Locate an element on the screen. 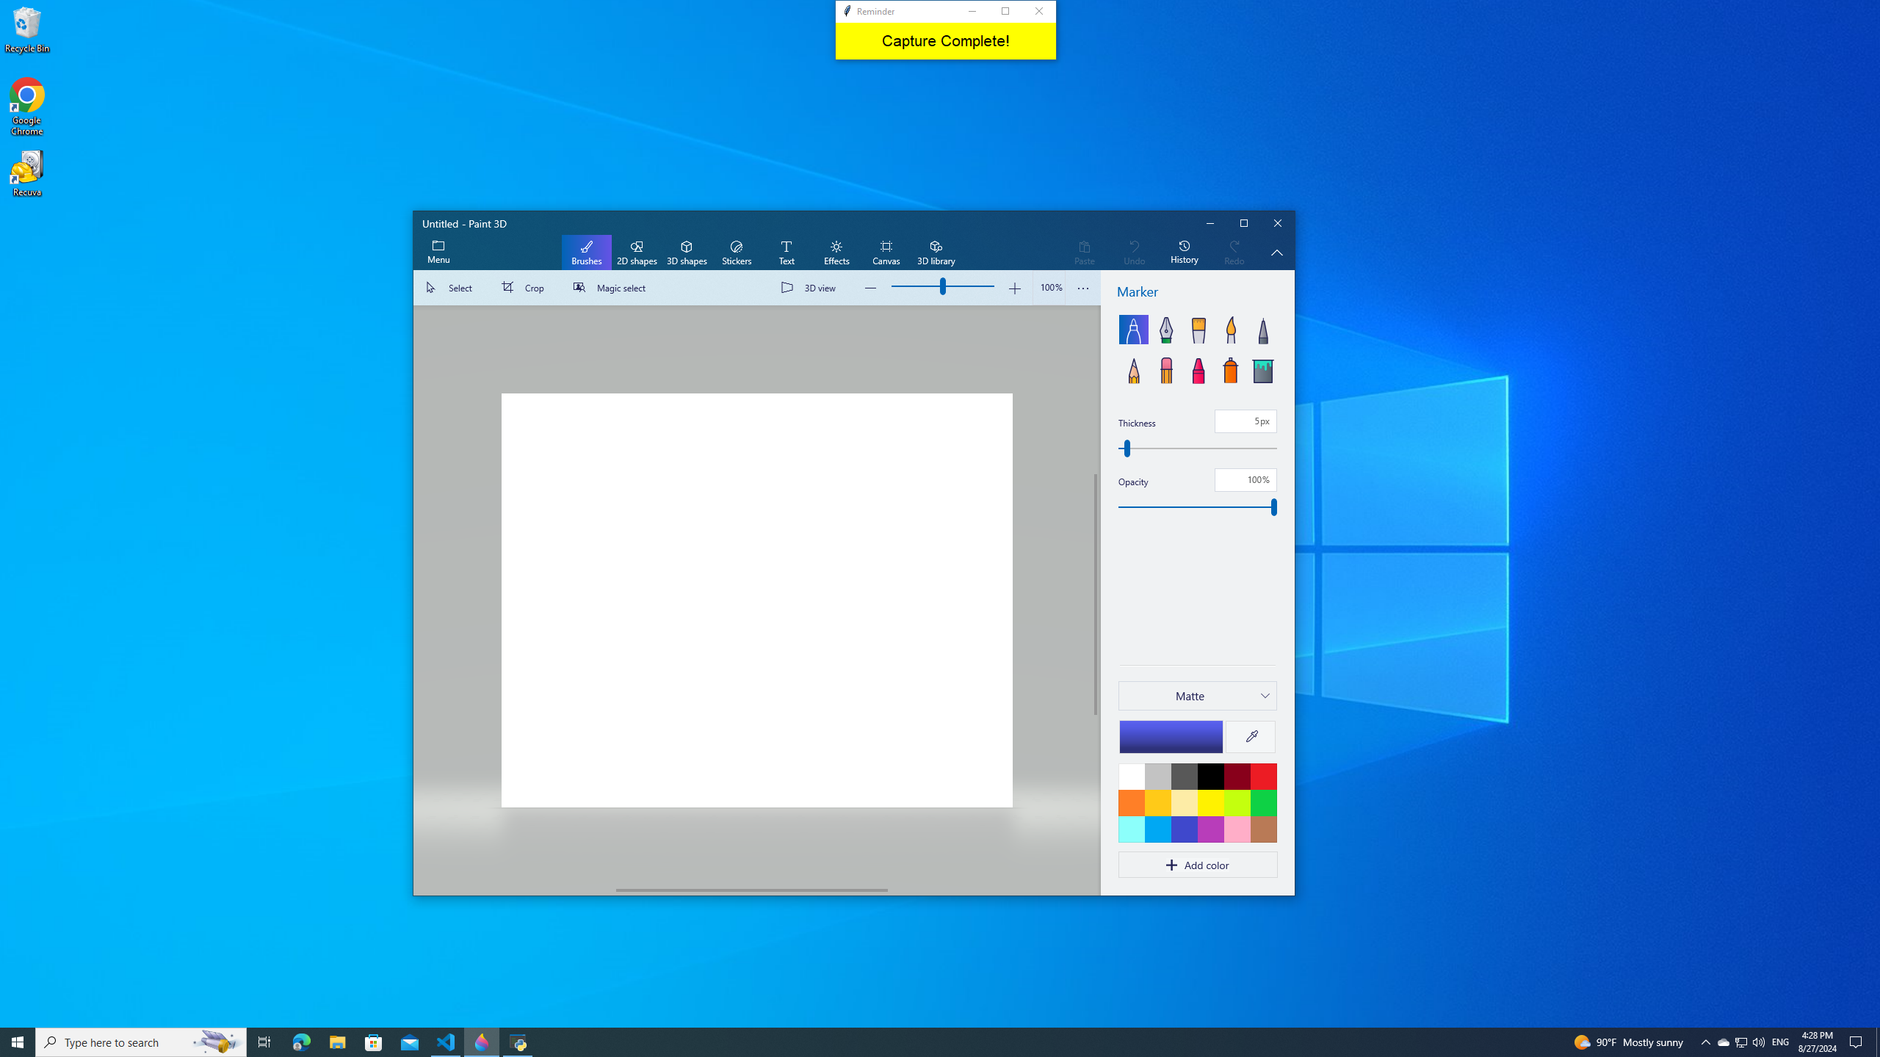  '2D shapes' is located at coordinates (635, 253).